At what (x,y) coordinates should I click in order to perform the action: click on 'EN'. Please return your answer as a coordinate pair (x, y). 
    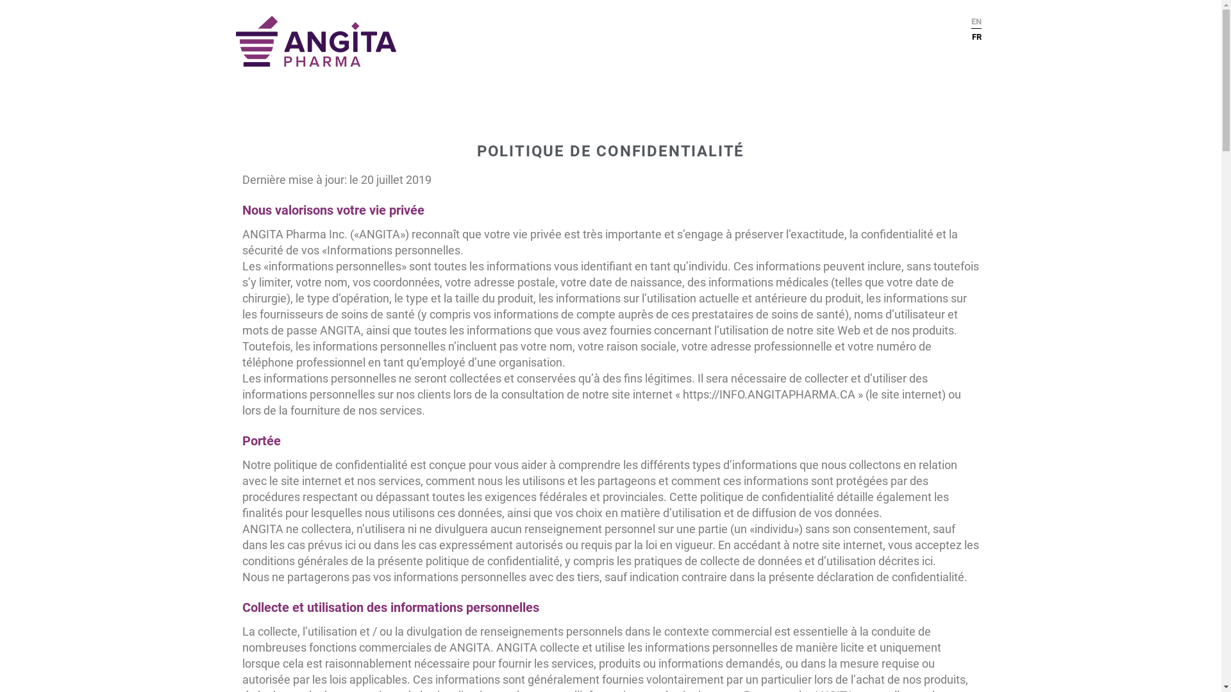
    Looking at the image, I should click on (975, 21).